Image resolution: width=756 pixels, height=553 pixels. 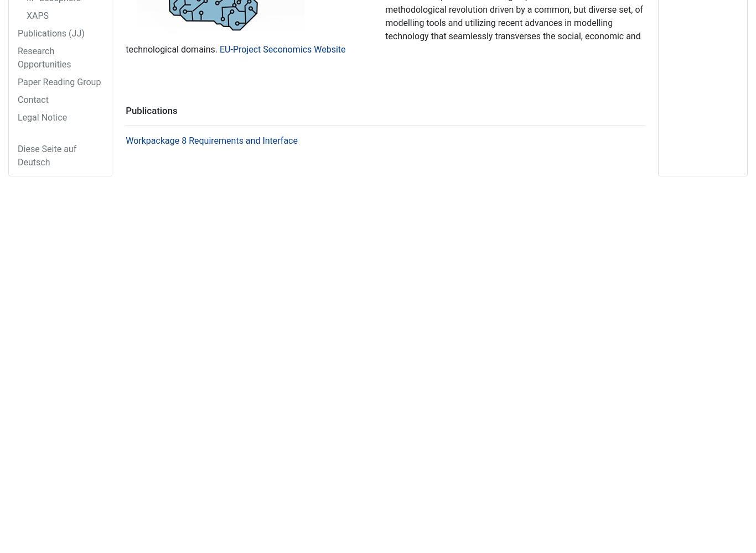 What do you see at coordinates (151, 109) in the screenshot?
I see `'Publications'` at bounding box center [151, 109].